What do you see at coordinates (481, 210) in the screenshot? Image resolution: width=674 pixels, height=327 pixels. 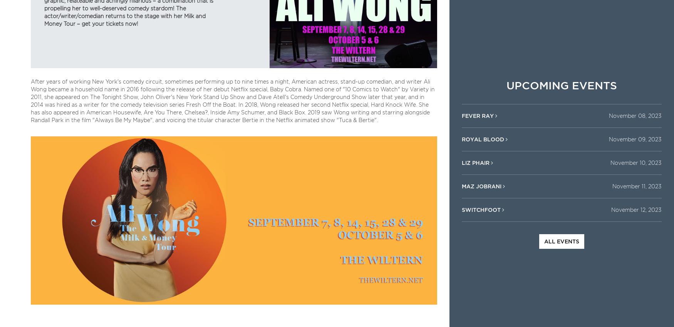 I see `'Switchfoot'` at bounding box center [481, 210].